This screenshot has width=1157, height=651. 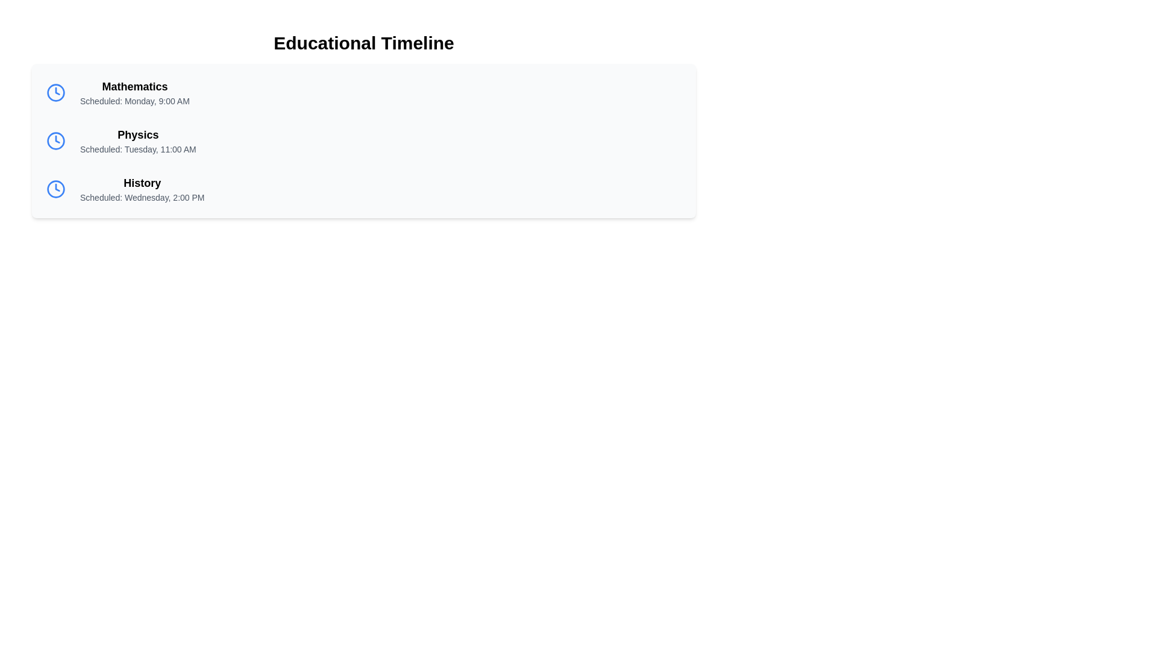 I want to click on the small triangular indicator within the circular icon located to the left of the 'Physics' timeline event, which is the second circular icon from the top, so click(x=57, y=139).